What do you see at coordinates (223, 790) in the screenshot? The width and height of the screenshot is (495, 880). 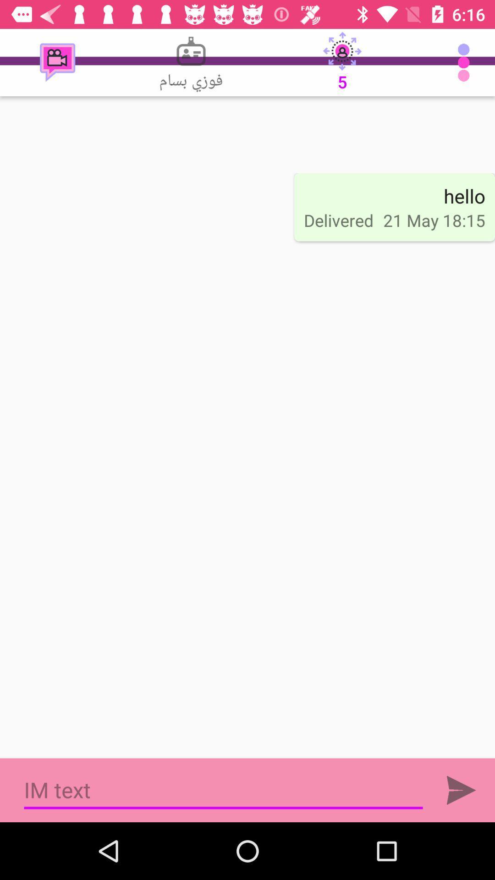 I see `text here` at bounding box center [223, 790].